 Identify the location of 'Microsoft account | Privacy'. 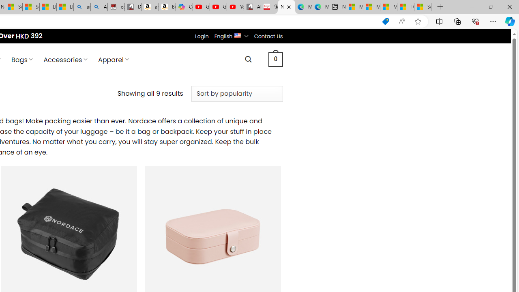
(371, 7).